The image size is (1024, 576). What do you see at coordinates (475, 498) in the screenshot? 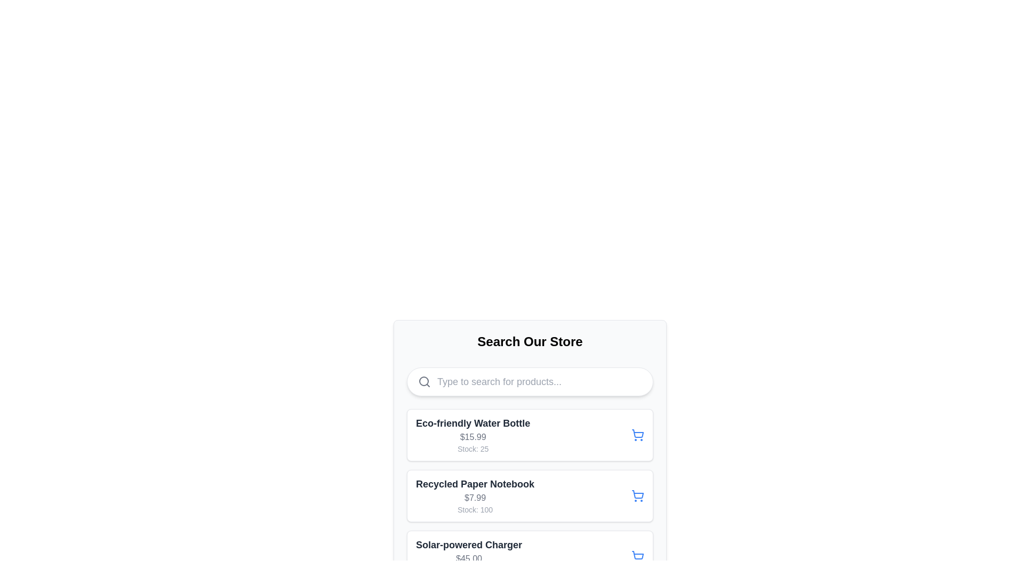
I see `the price text label '$7.99' found in the product listing card for 'Recycled Paper Notebook', which is styled in a gray font and positioned centrally below the product name` at bounding box center [475, 498].